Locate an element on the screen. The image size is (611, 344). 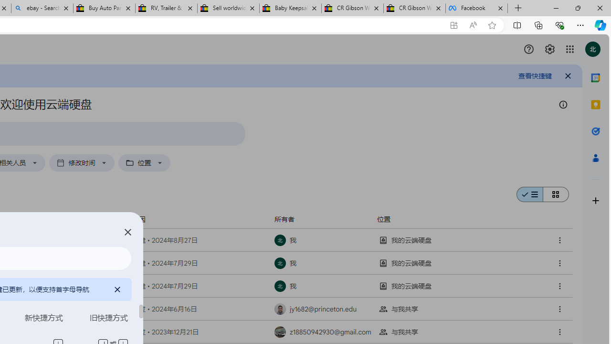
'Sell worldwide with eBay' is located at coordinates (228, 8).